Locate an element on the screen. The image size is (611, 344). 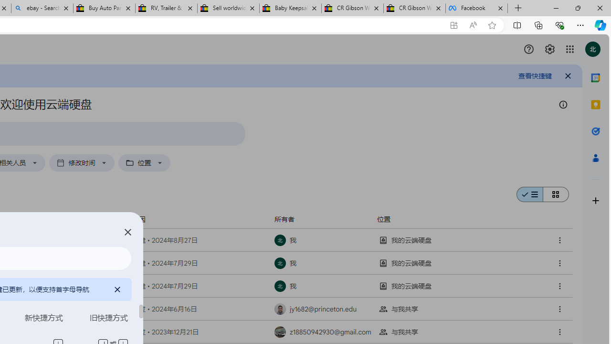
'Sell worldwide with eBay' is located at coordinates (228, 8).